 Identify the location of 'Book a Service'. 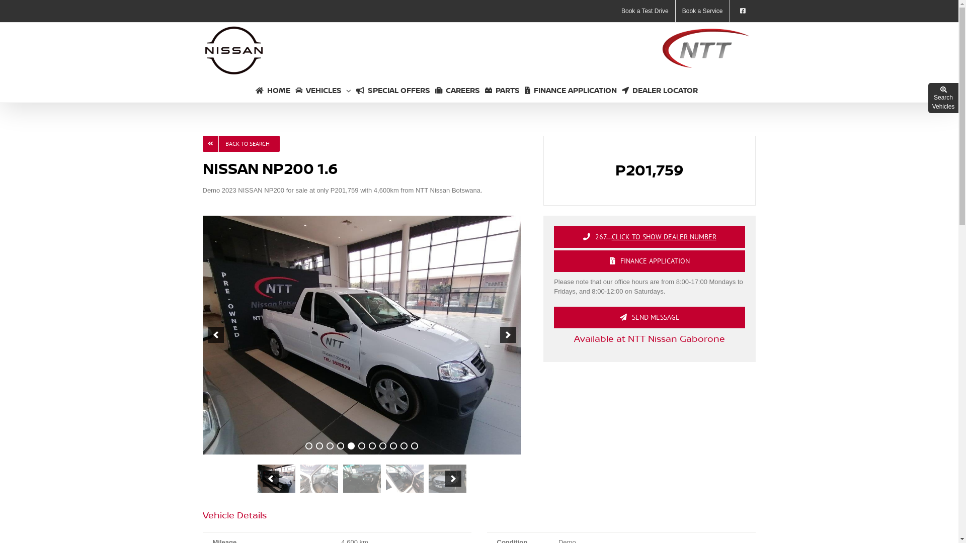
(676, 11).